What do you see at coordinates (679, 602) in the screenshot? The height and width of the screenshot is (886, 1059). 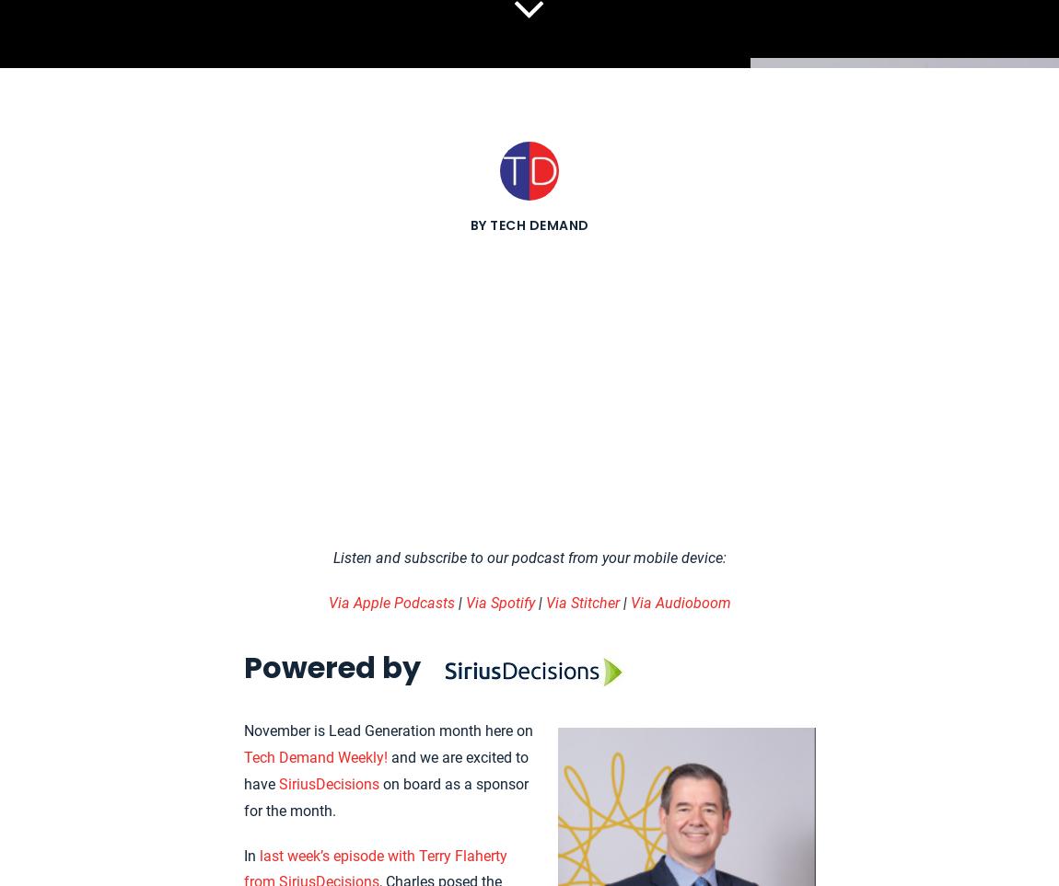 I see `'Via Audioboom'` at bounding box center [679, 602].